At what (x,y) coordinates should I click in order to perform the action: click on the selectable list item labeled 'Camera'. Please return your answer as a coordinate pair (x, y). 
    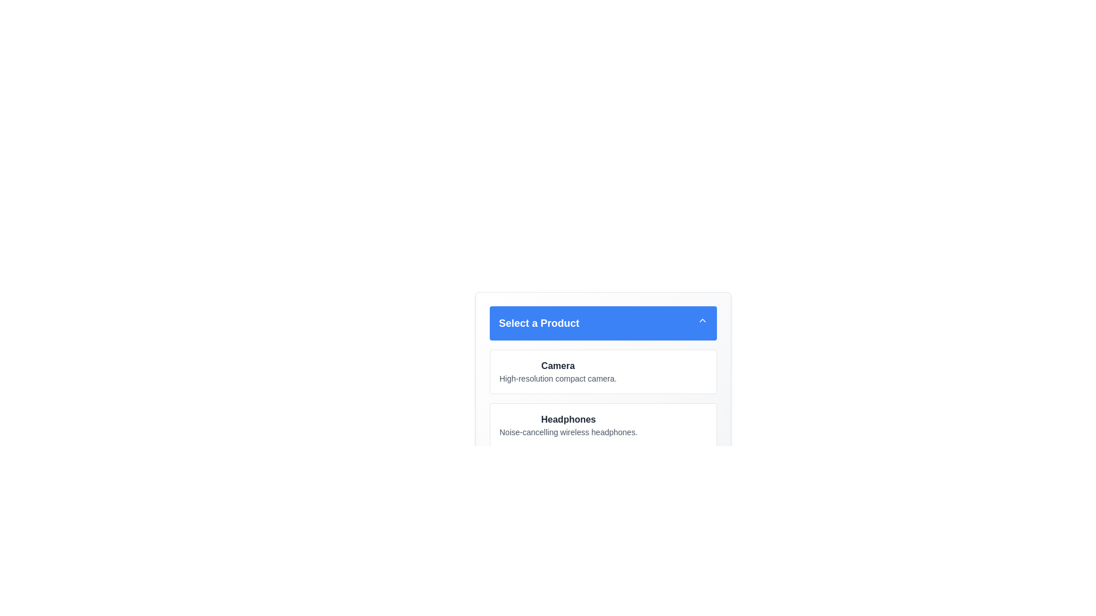
    Looking at the image, I should click on (602, 371).